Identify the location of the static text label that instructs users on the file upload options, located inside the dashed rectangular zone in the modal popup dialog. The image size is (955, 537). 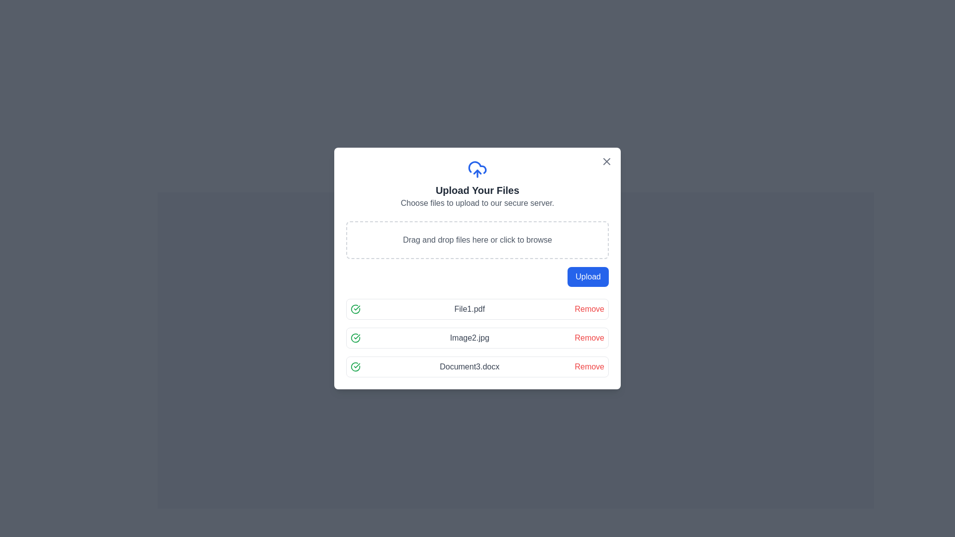
(477, 240).